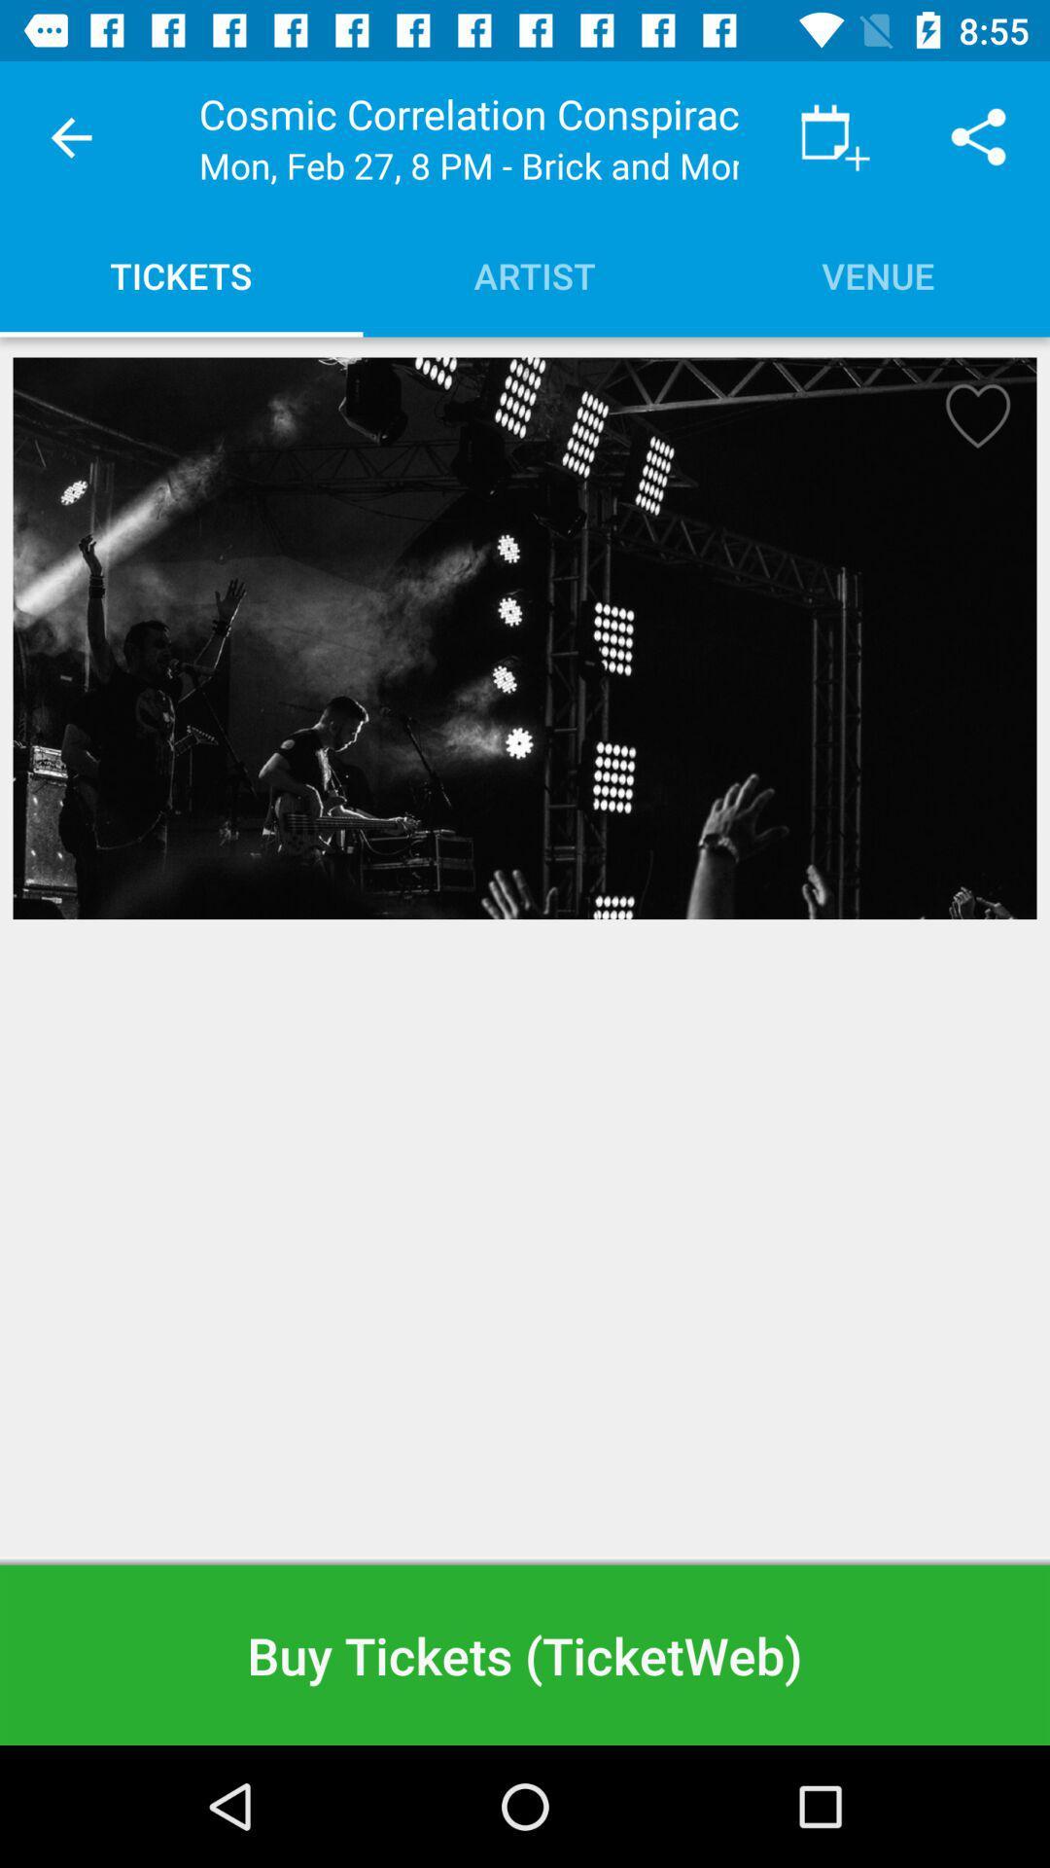 This screenshot has width=1050, height=1868. Describe the element at coordinates (70, 136) in the screenshot. I see `the item next to cosmic correlation conspiracy` at that location.